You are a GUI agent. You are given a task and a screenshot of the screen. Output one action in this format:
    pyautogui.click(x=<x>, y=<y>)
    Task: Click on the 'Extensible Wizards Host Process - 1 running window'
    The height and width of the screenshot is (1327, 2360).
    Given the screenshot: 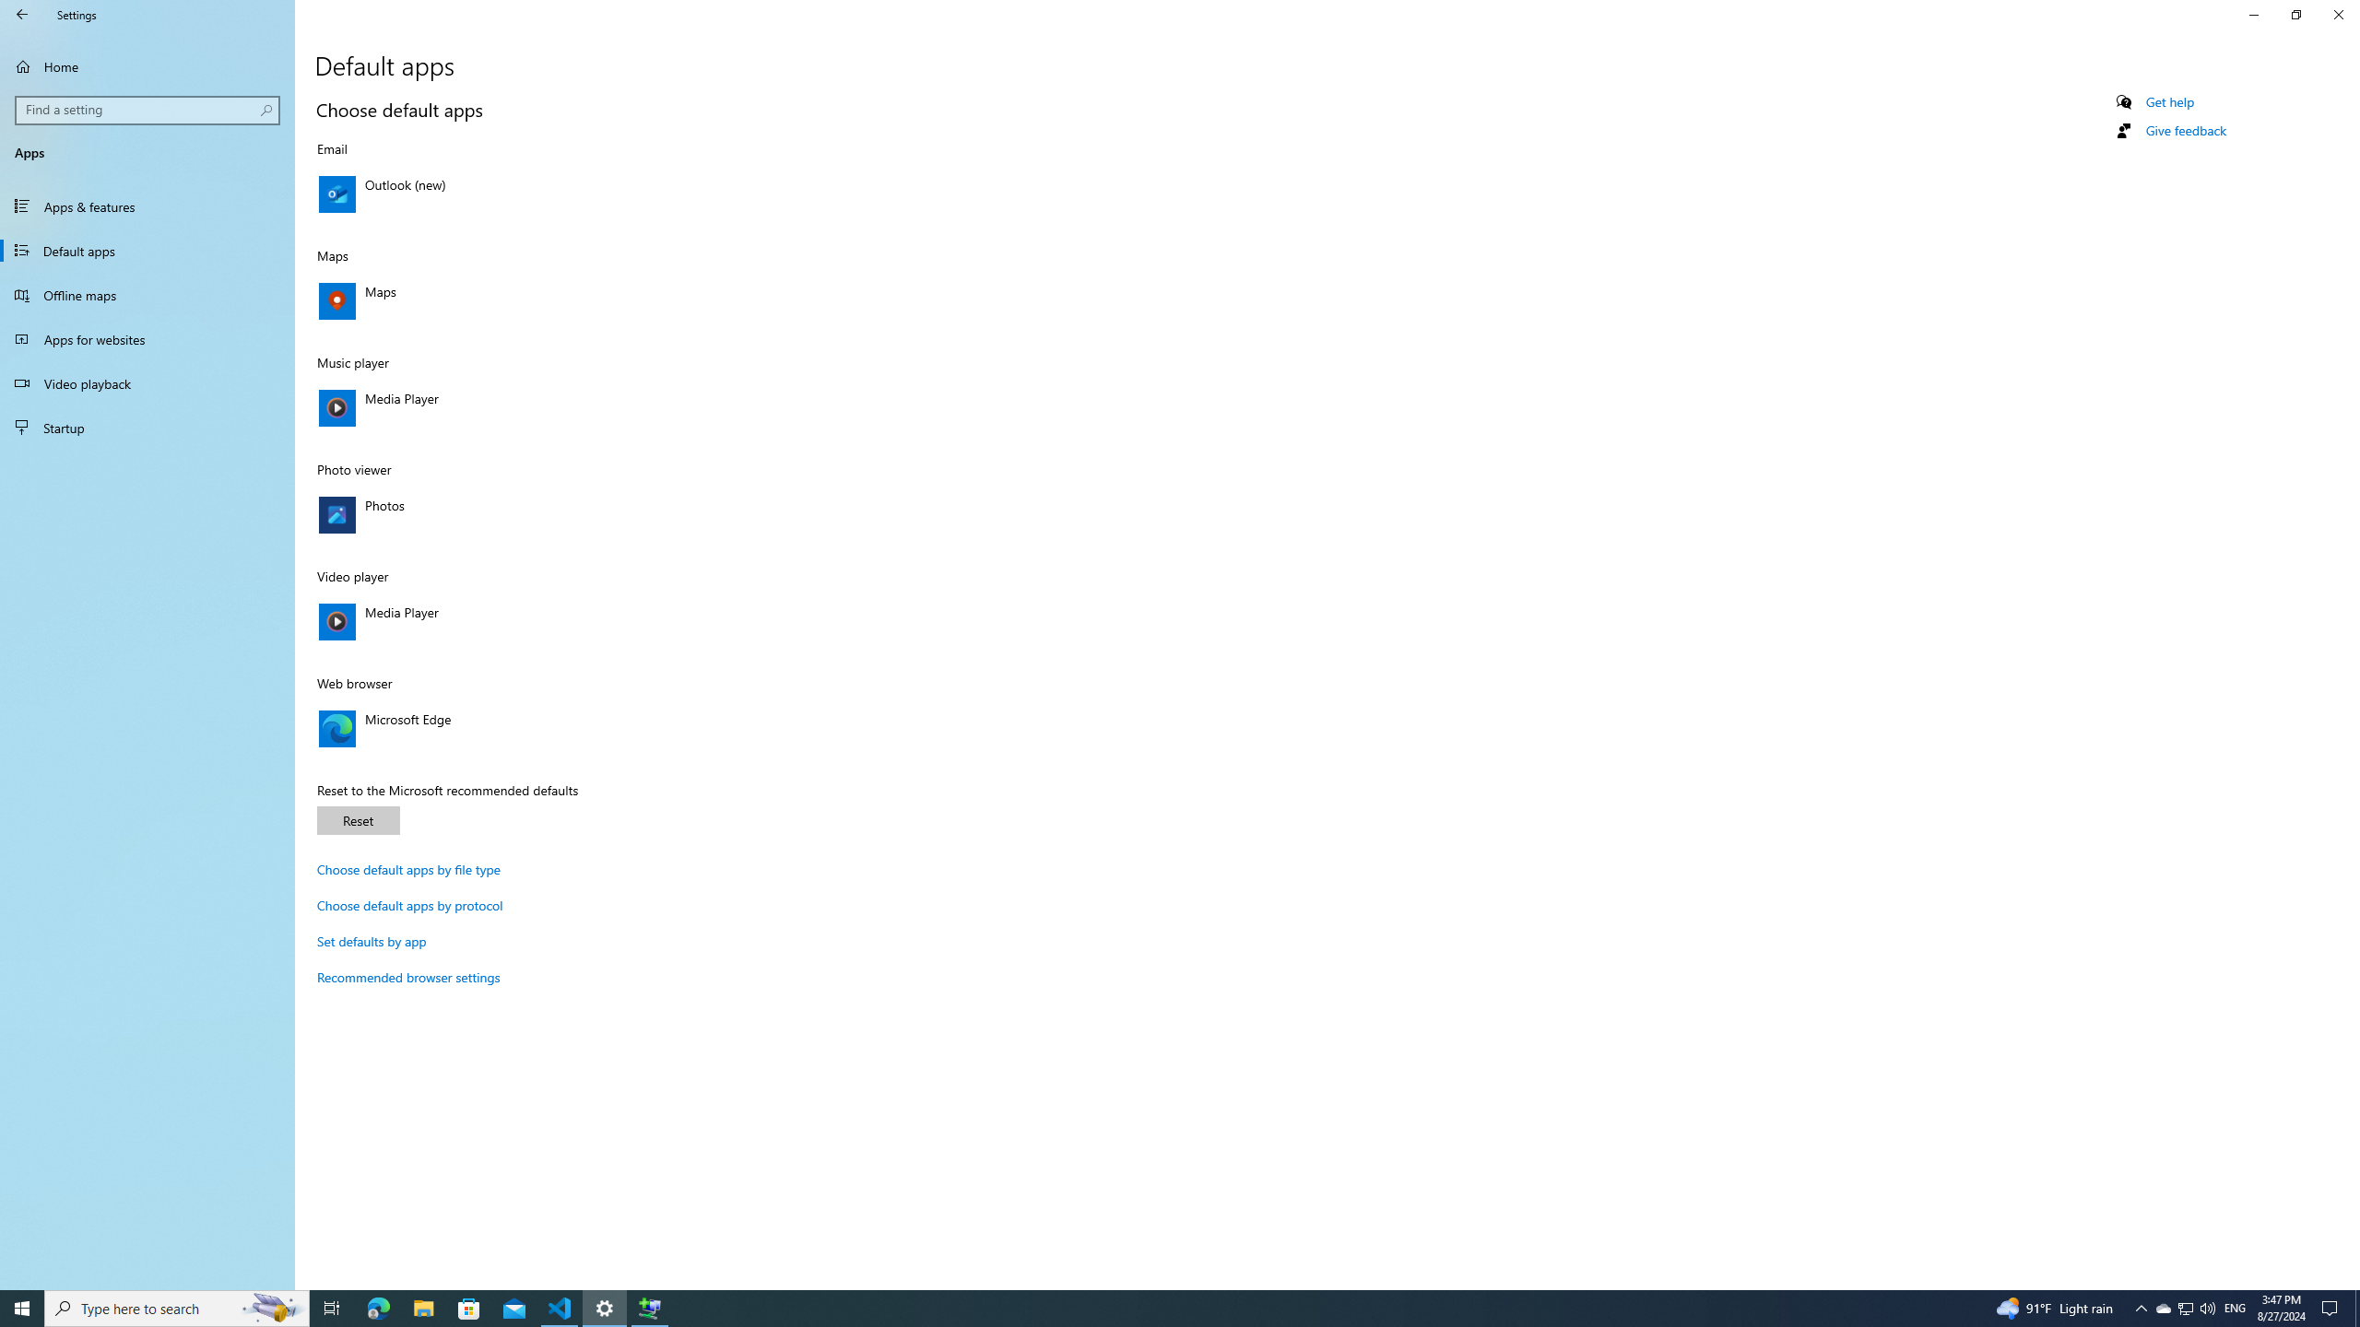 What is the action you would take?
    pyautogui.click(x=650, y=1307)
    